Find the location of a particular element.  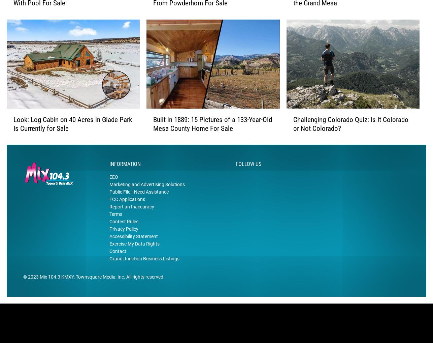

'Built in 1889: 15 Pictures of a 133-Year-Old Mesa County Home For Sale' is located at coordinates (153, 134).